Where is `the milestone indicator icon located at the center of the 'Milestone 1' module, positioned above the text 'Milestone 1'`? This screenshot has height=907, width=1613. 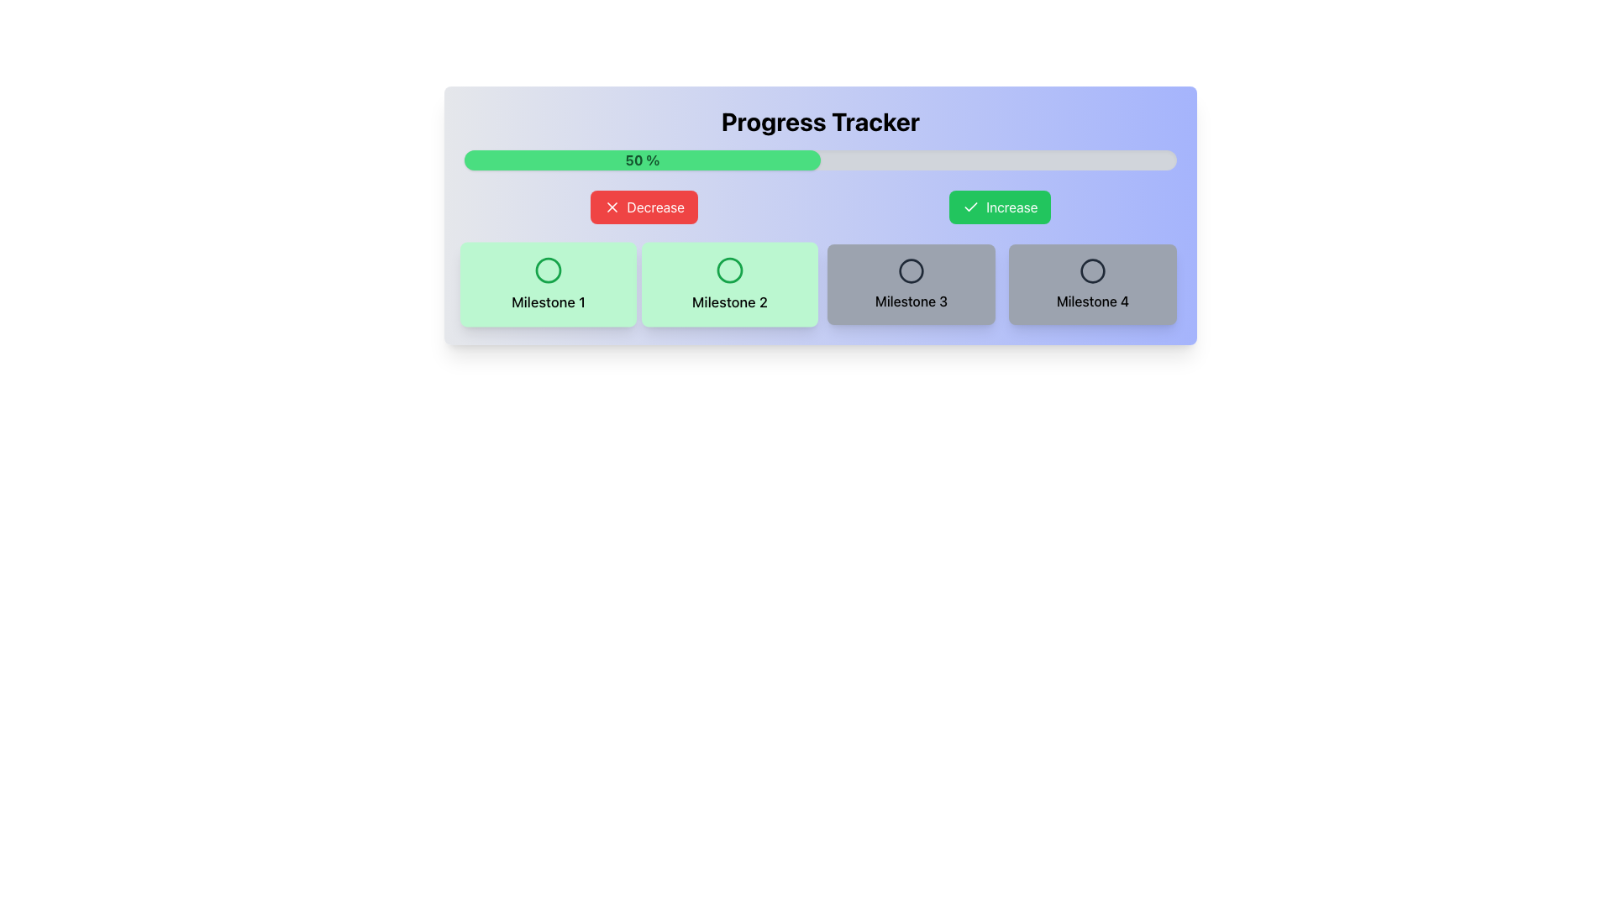
the milestone indicator icon located at the center of the 'Milestone 1' module, positioned above the text 'Milestone 1' is located at coordinates (548, 269).